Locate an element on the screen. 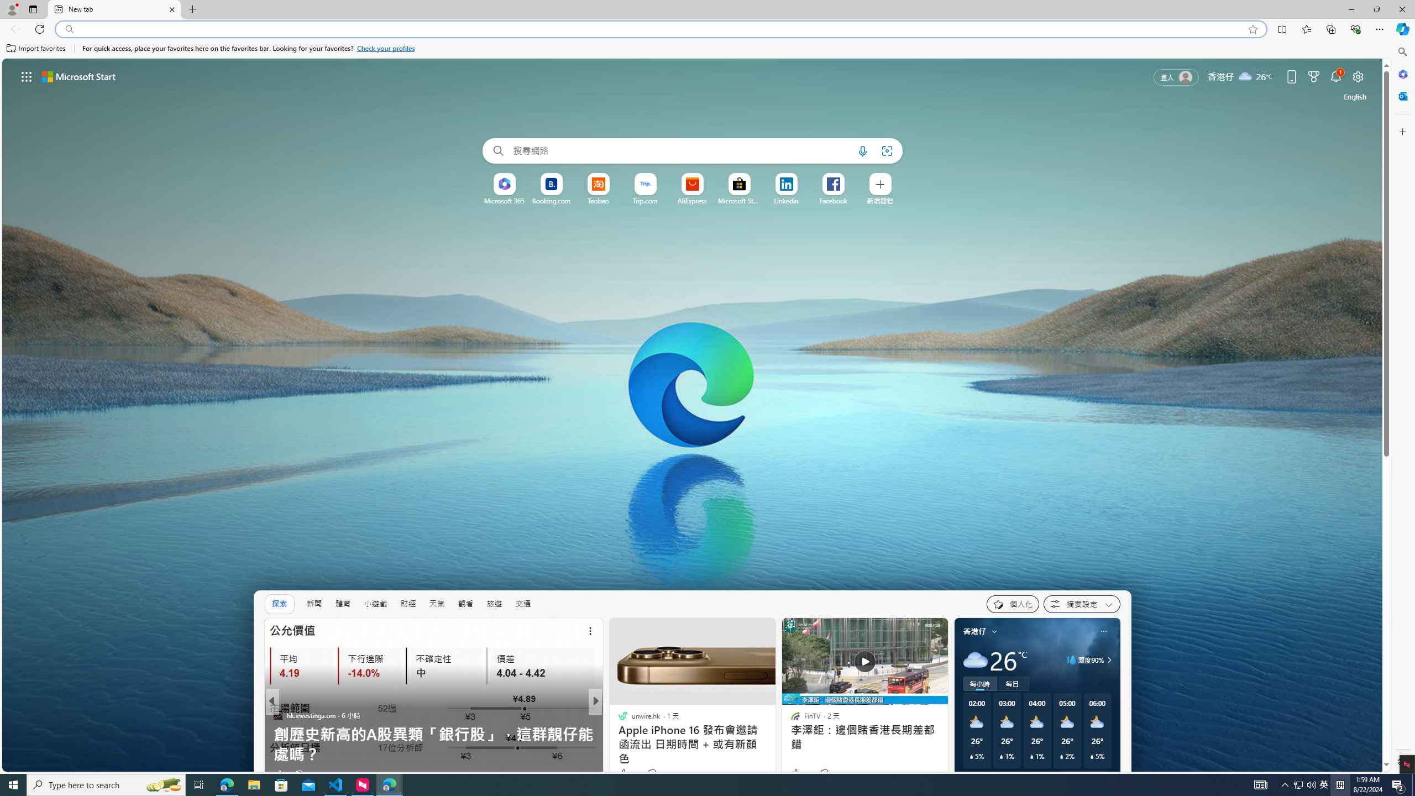  'Side bar' is located at coordinates (1402, 406).